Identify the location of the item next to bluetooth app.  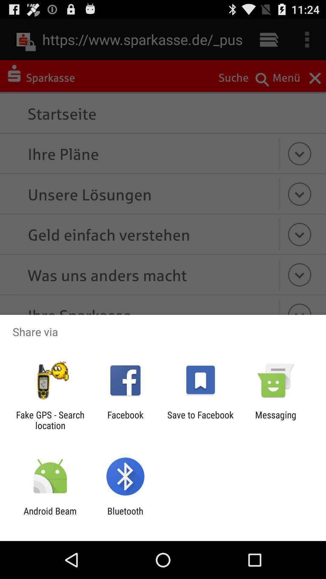
(50, 516).